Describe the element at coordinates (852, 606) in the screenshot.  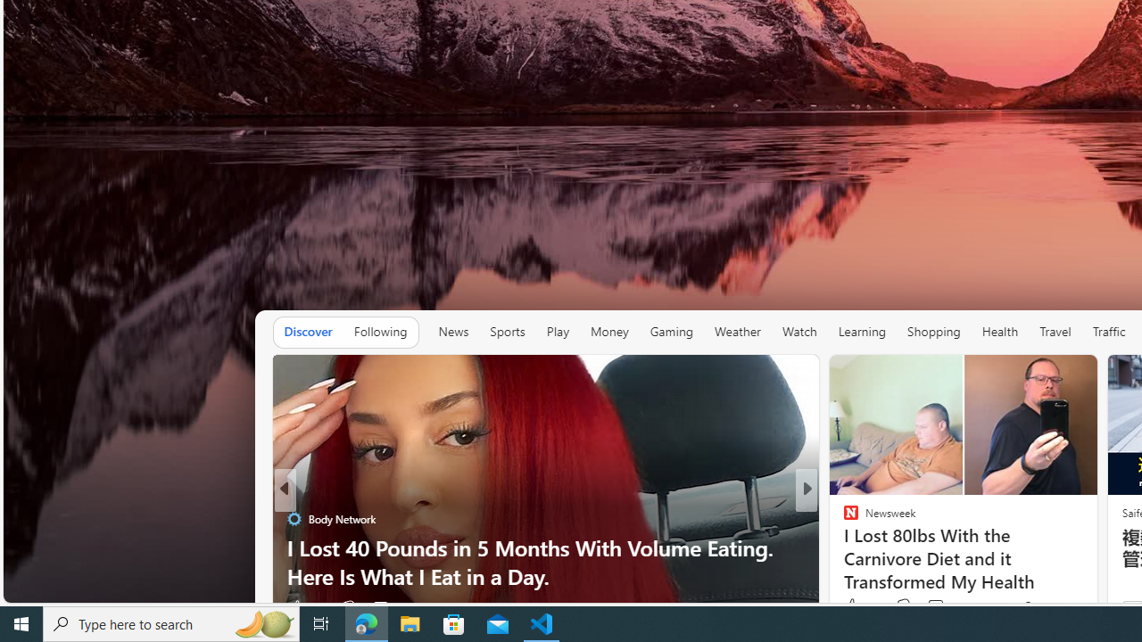
I see `'57 Like'` at that location.